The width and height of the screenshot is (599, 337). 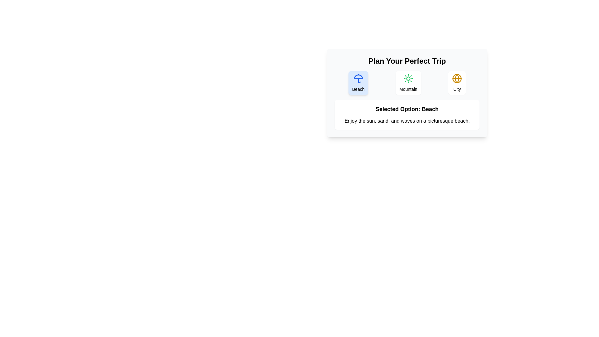 I want to click on the 'City' category selection button located at the rightmost position within a group of three buttons, so click(x=457, y=83).